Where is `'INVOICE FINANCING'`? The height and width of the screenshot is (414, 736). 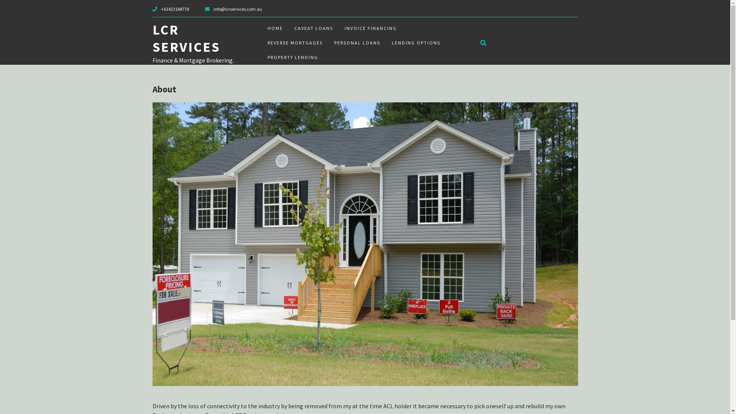
'INVOICE FINANCING' is located at coordinates (338, 28).